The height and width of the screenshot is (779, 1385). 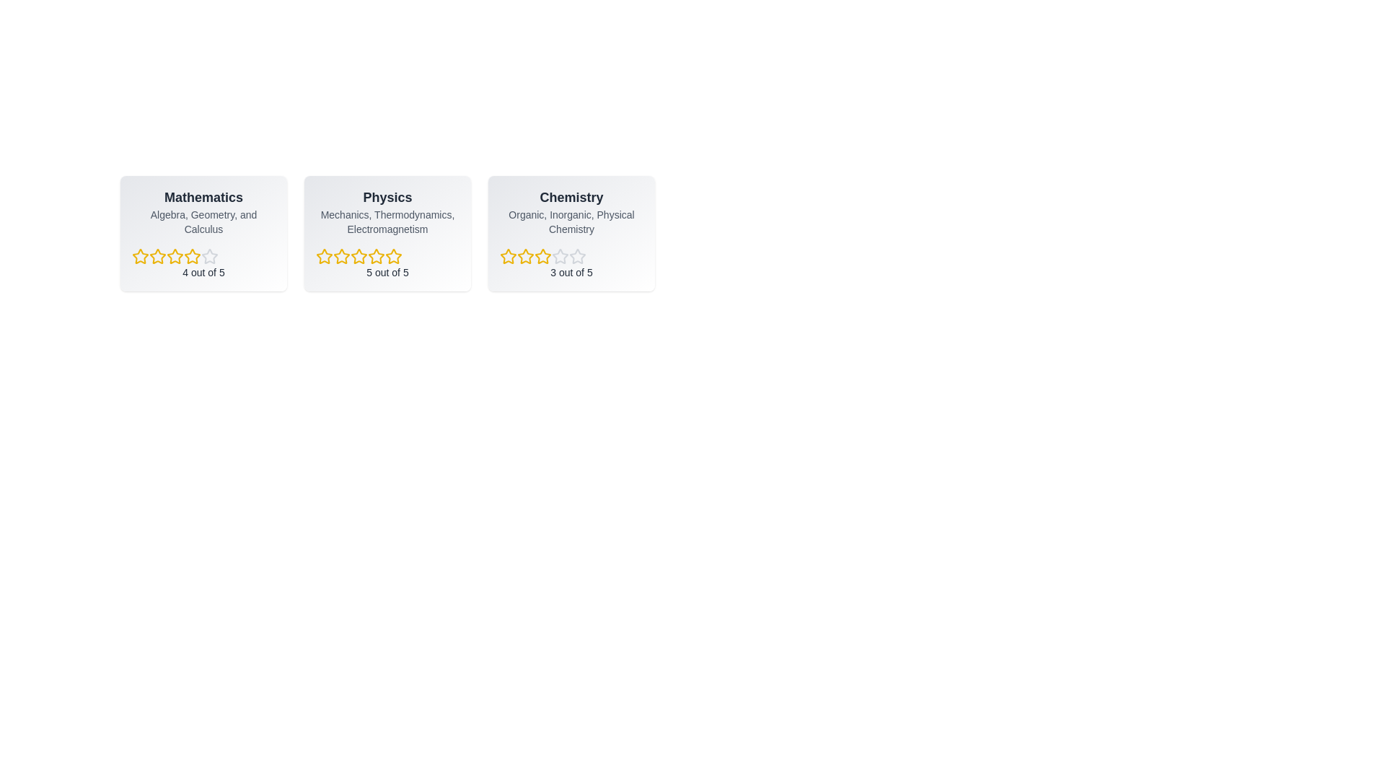 What do you see at coordinates (203, 233) in the screenshot?
I see `the Mathematics card to see the hover effect` at bounding box center [203, 233].